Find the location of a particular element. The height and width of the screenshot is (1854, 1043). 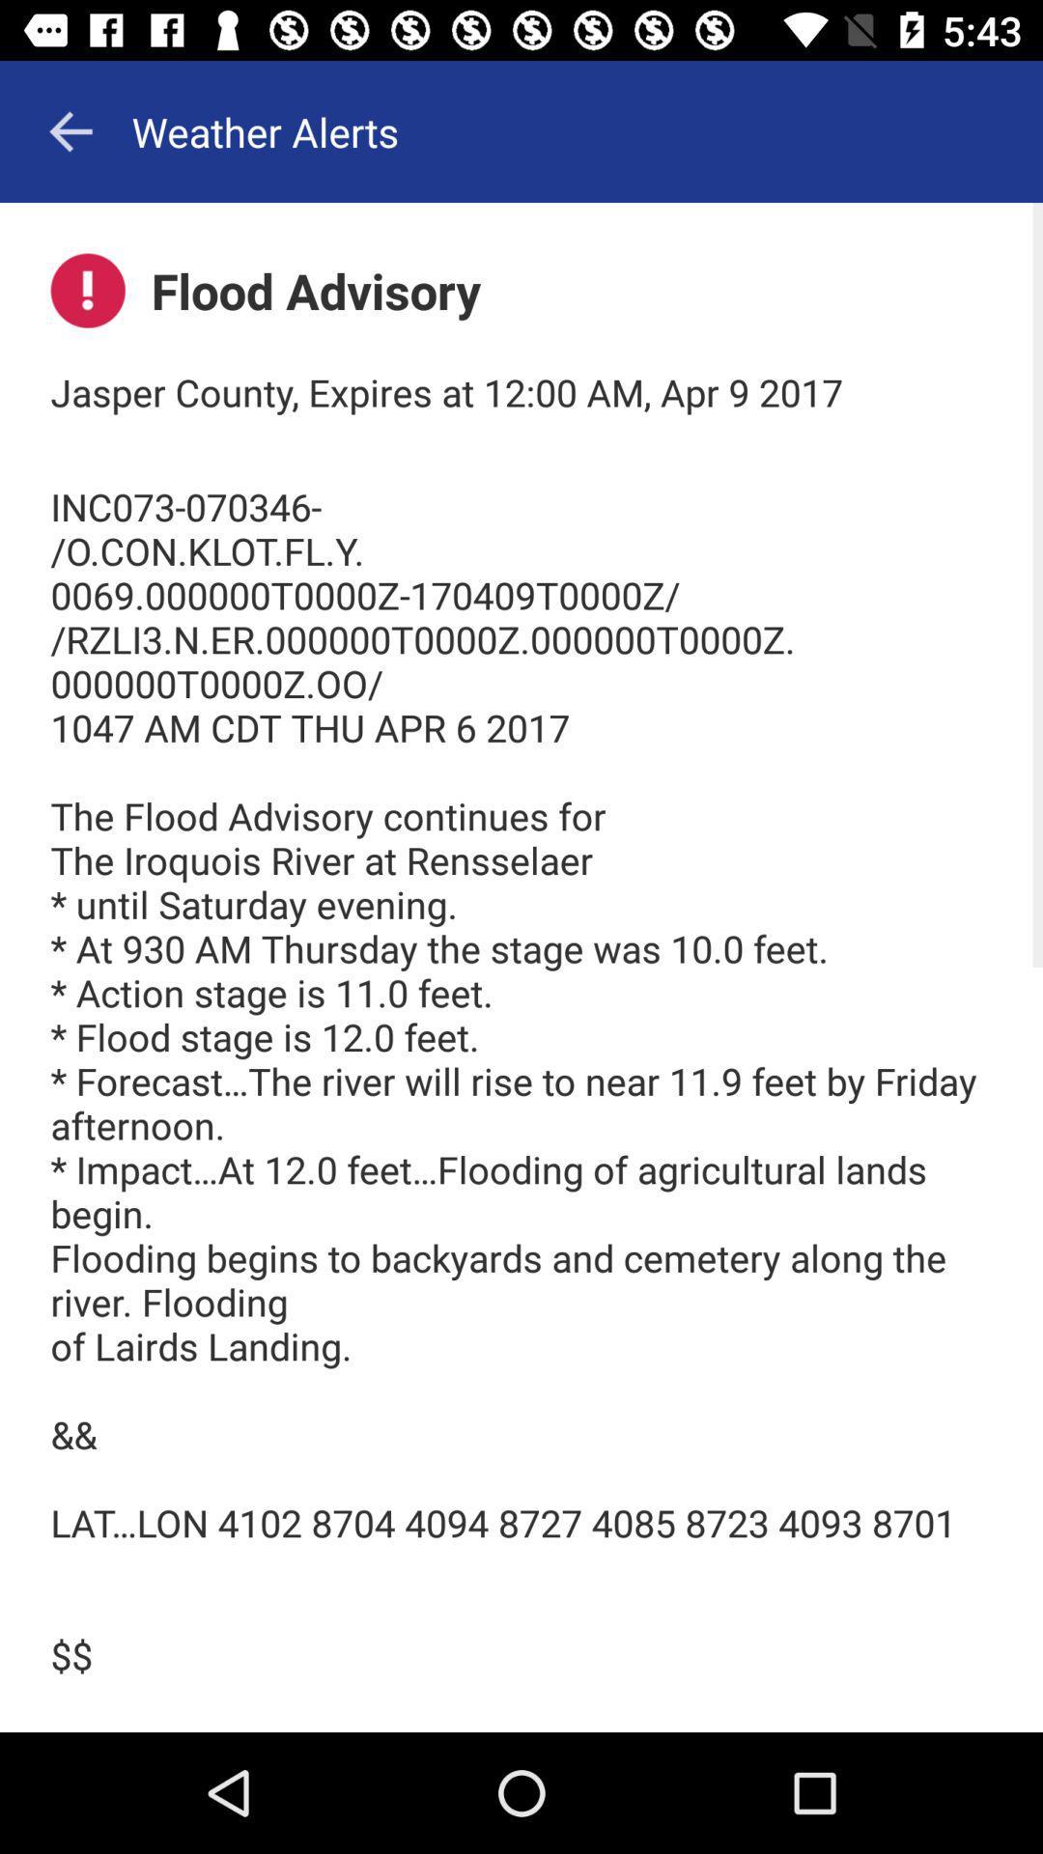

app to the left of the weather alerts app is located at coordinates (70, 130).